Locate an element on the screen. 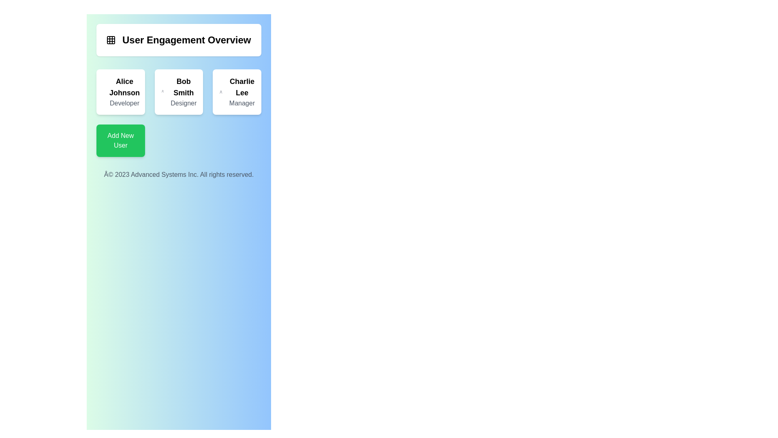 This screenshot has height=438, width=778. the static text label displaying 'Bob Smith', which is a bold and larger font label centered above the smaller text 'Designer' is located at coordinates (183, 87).